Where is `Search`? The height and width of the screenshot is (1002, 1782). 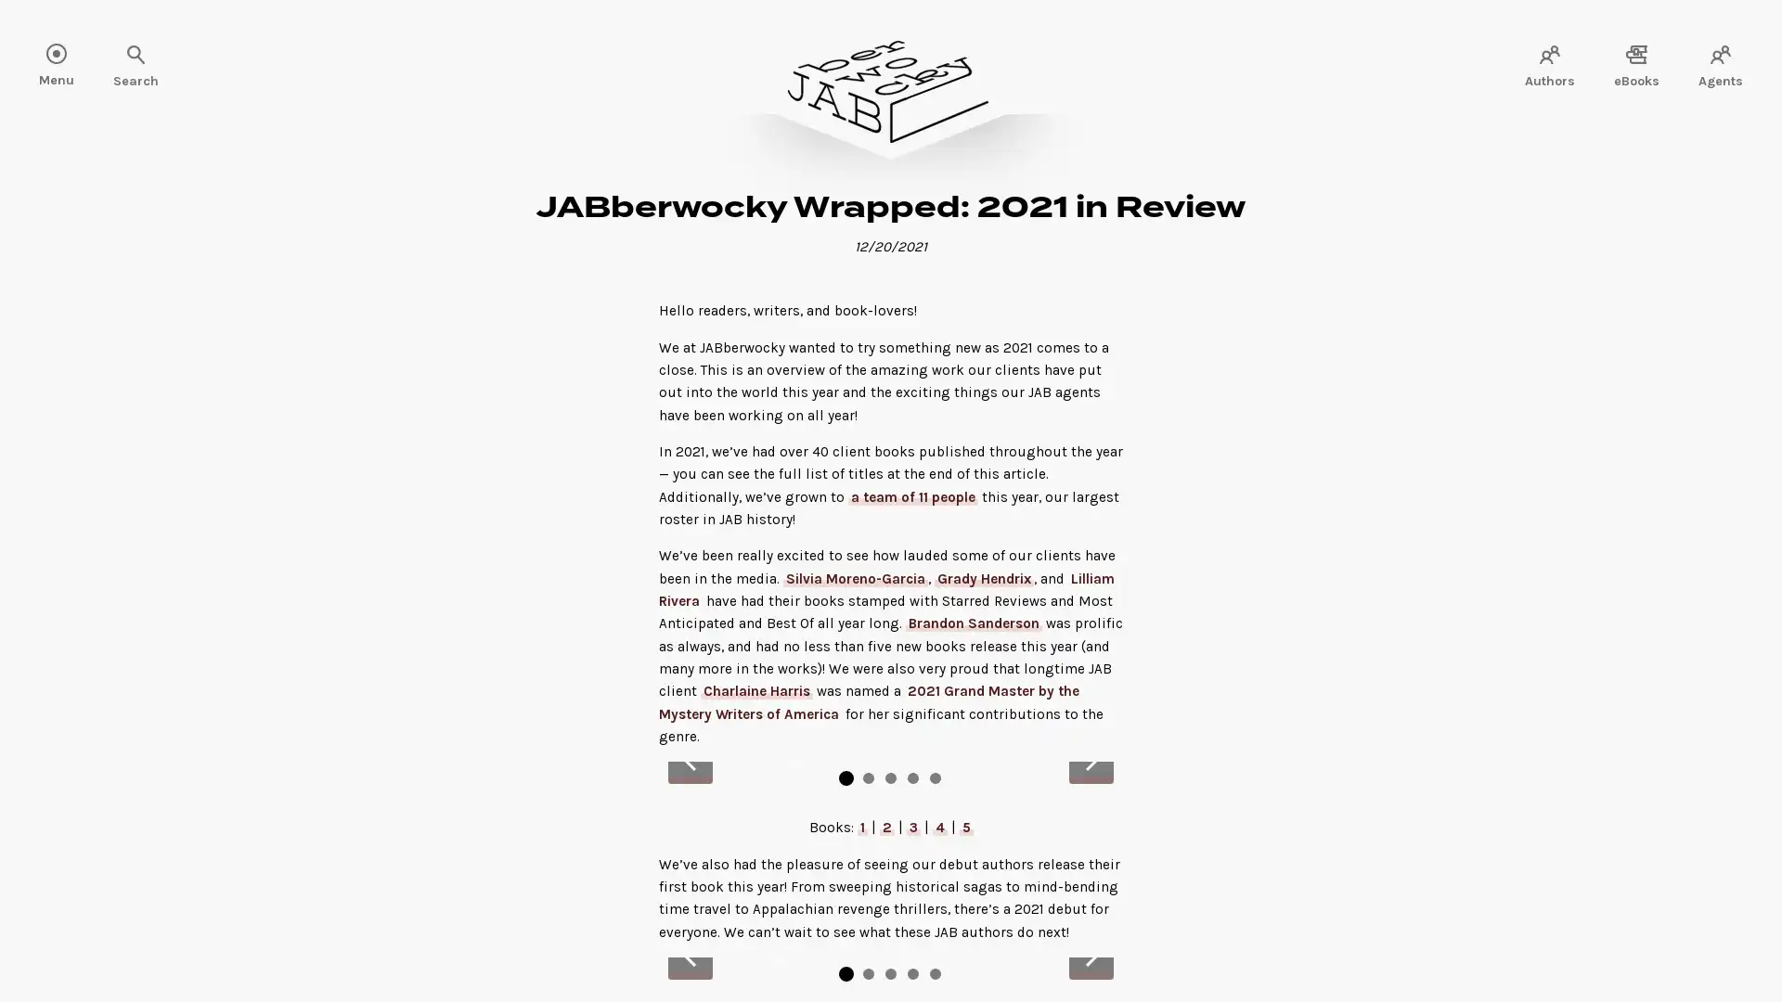 Search is located at coordinates (74, 56).